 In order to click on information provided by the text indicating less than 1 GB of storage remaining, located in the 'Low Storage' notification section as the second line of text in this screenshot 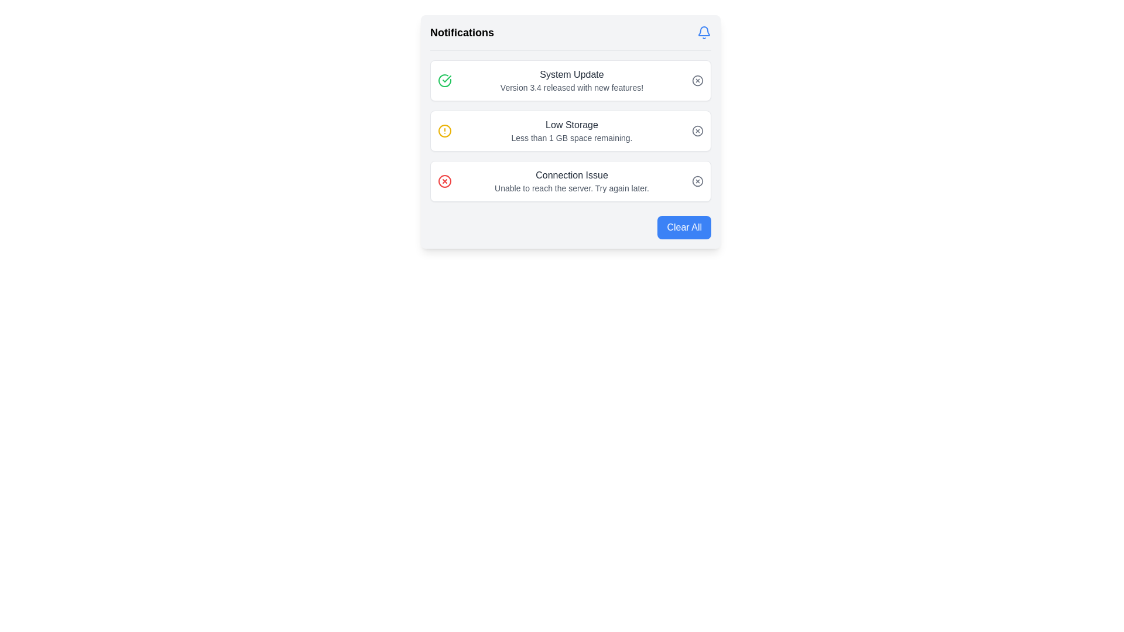, I will do `click(572, 137)`.